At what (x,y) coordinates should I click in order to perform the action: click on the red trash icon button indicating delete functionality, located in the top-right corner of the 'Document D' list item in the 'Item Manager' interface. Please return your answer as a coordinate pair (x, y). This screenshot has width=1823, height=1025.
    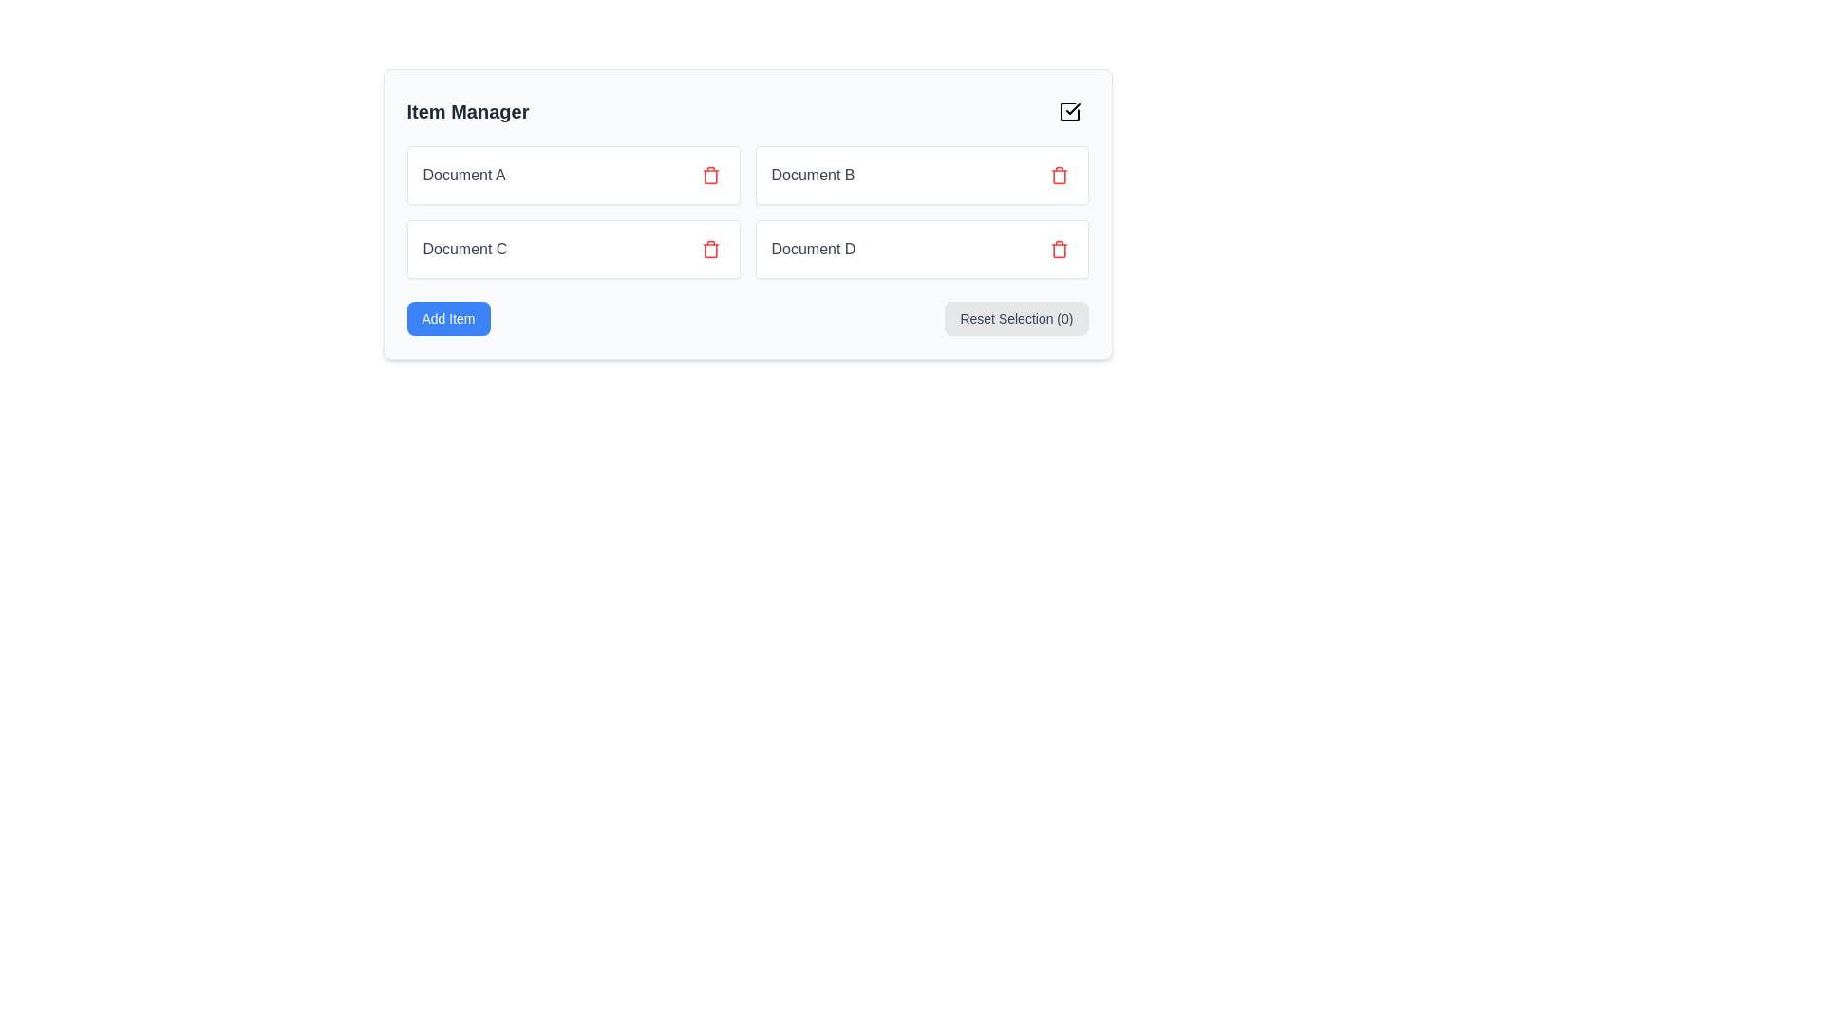
    Looking at the image, I should click on (1058, 248).